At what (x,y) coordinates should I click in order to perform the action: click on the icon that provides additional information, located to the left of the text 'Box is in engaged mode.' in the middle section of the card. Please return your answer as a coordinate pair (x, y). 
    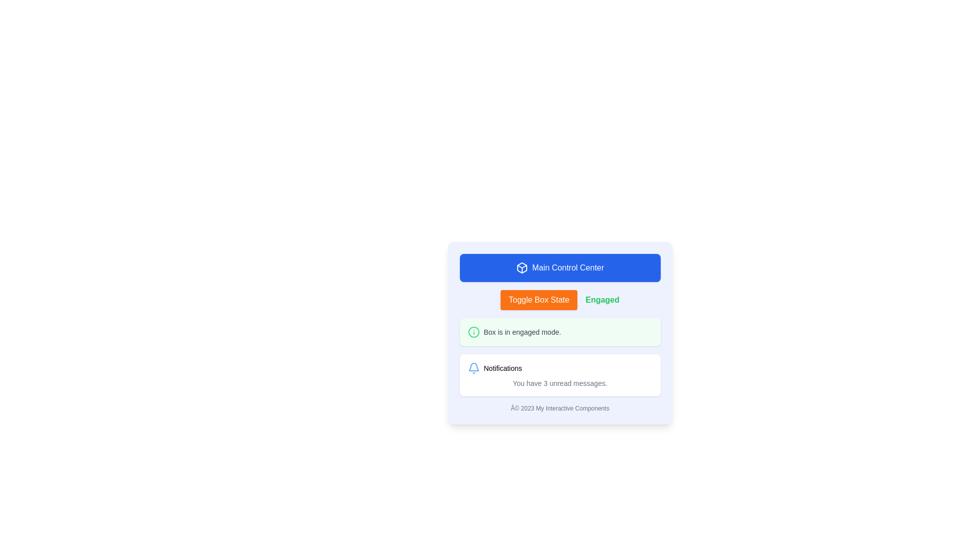
    Looking at the image, I should click on (473, 332).